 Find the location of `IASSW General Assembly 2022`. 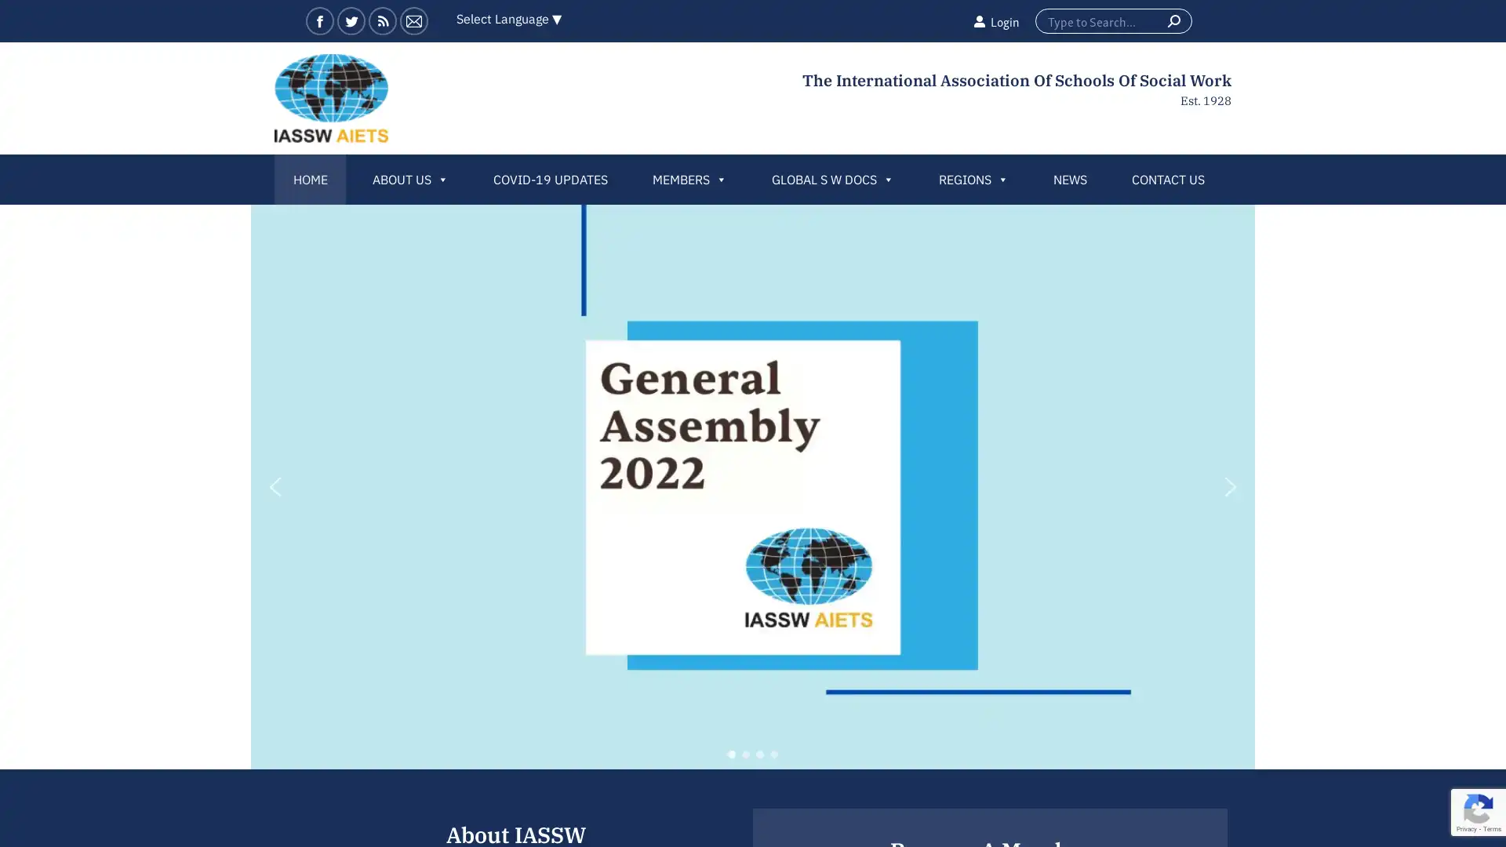

IASSW General Assembly 2022 is located at coordinates (730, 753).